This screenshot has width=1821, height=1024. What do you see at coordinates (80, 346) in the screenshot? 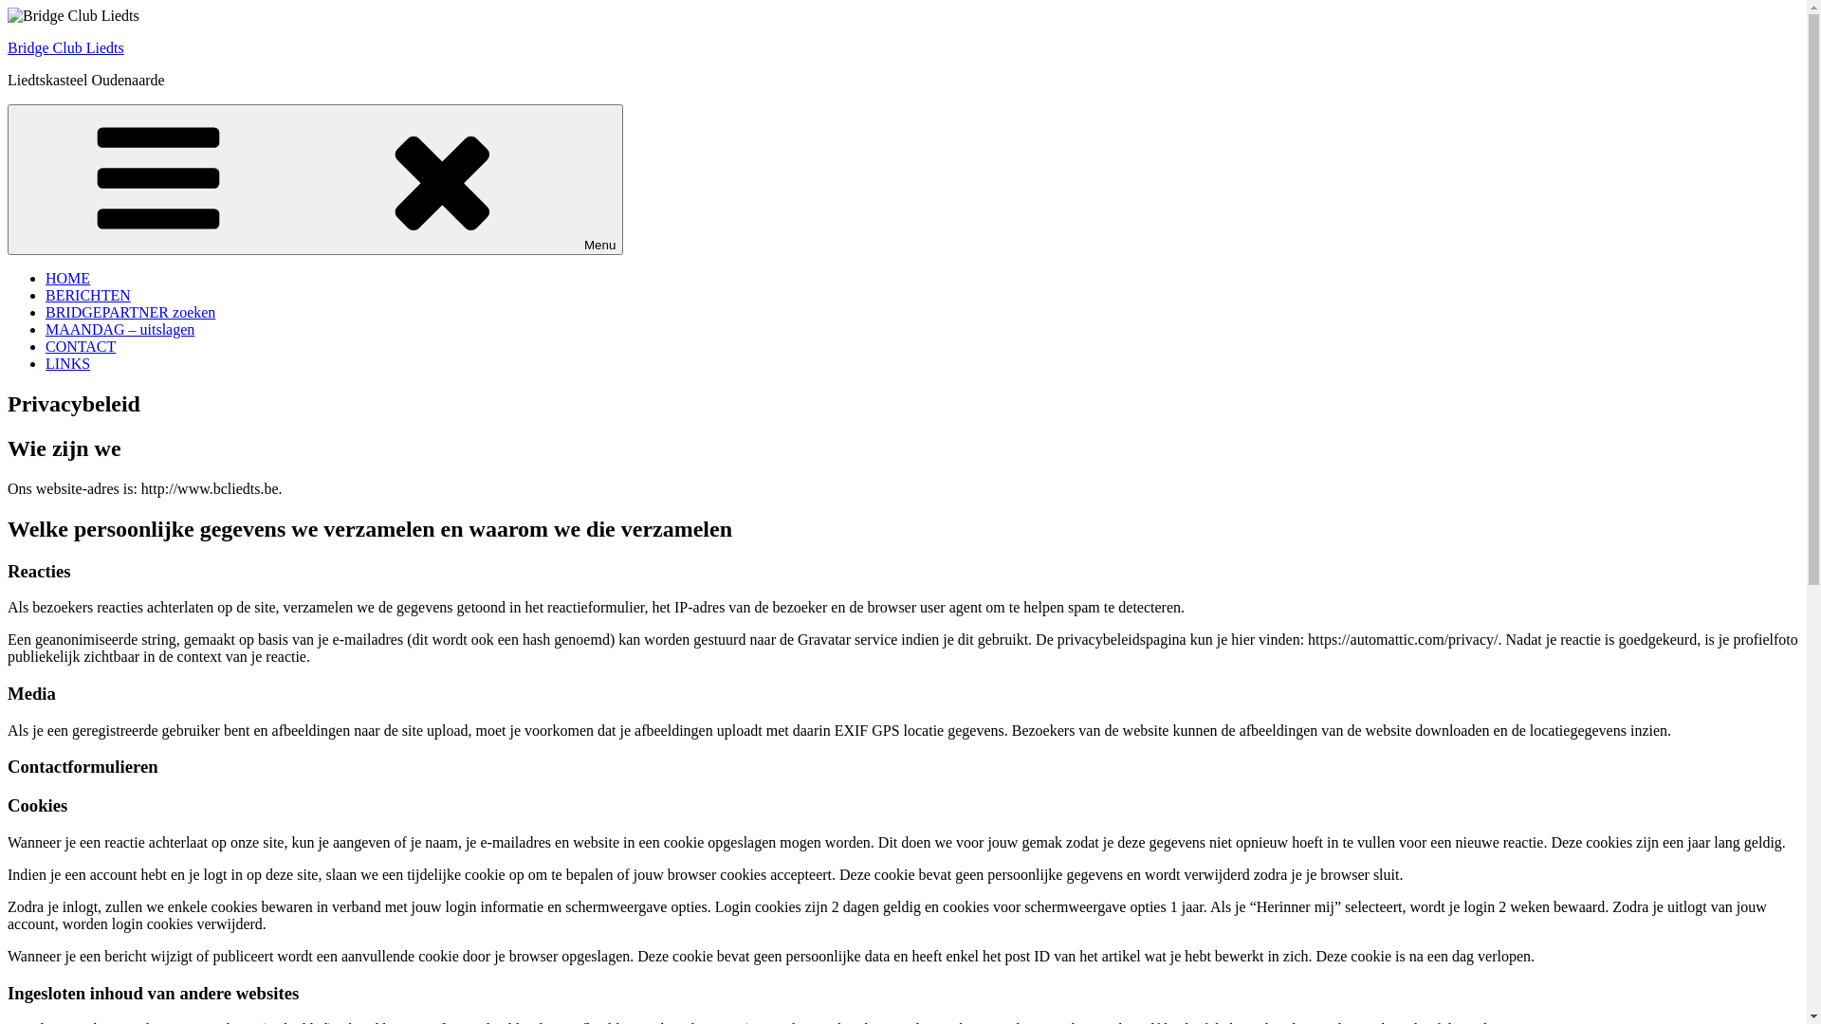
I see `'CONTACT'` at bounding box center [80, 346].